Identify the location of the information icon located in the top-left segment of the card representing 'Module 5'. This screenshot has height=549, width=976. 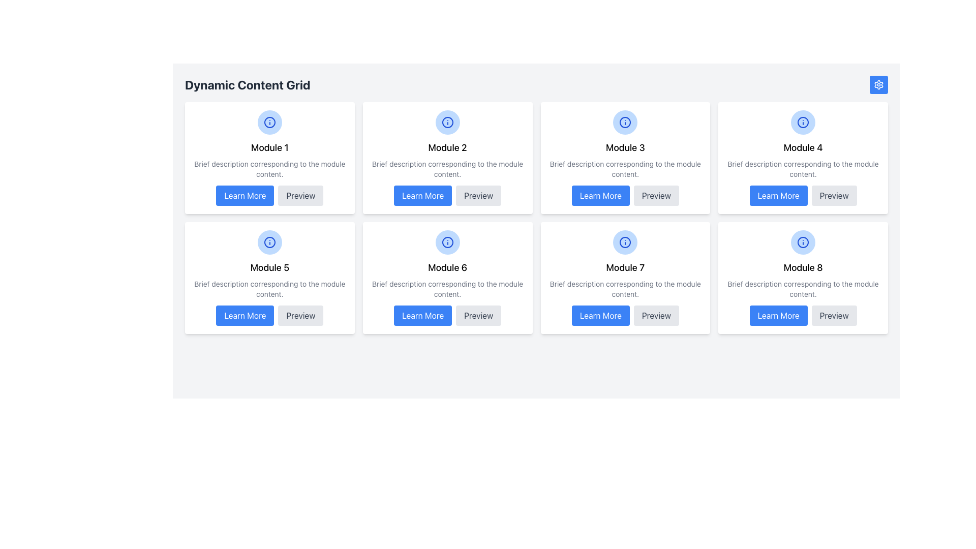
(269, 242).